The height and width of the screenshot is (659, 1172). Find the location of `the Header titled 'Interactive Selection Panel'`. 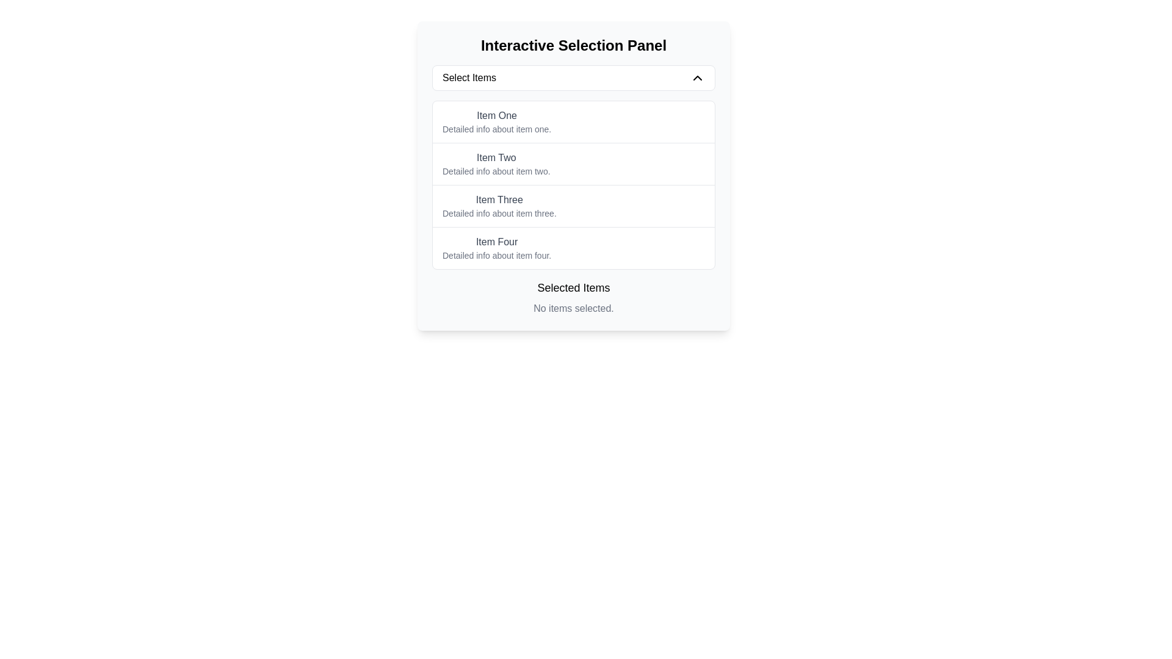

the Header titled 'Interactive Selection Panel' is located at coordinates (573, 45).